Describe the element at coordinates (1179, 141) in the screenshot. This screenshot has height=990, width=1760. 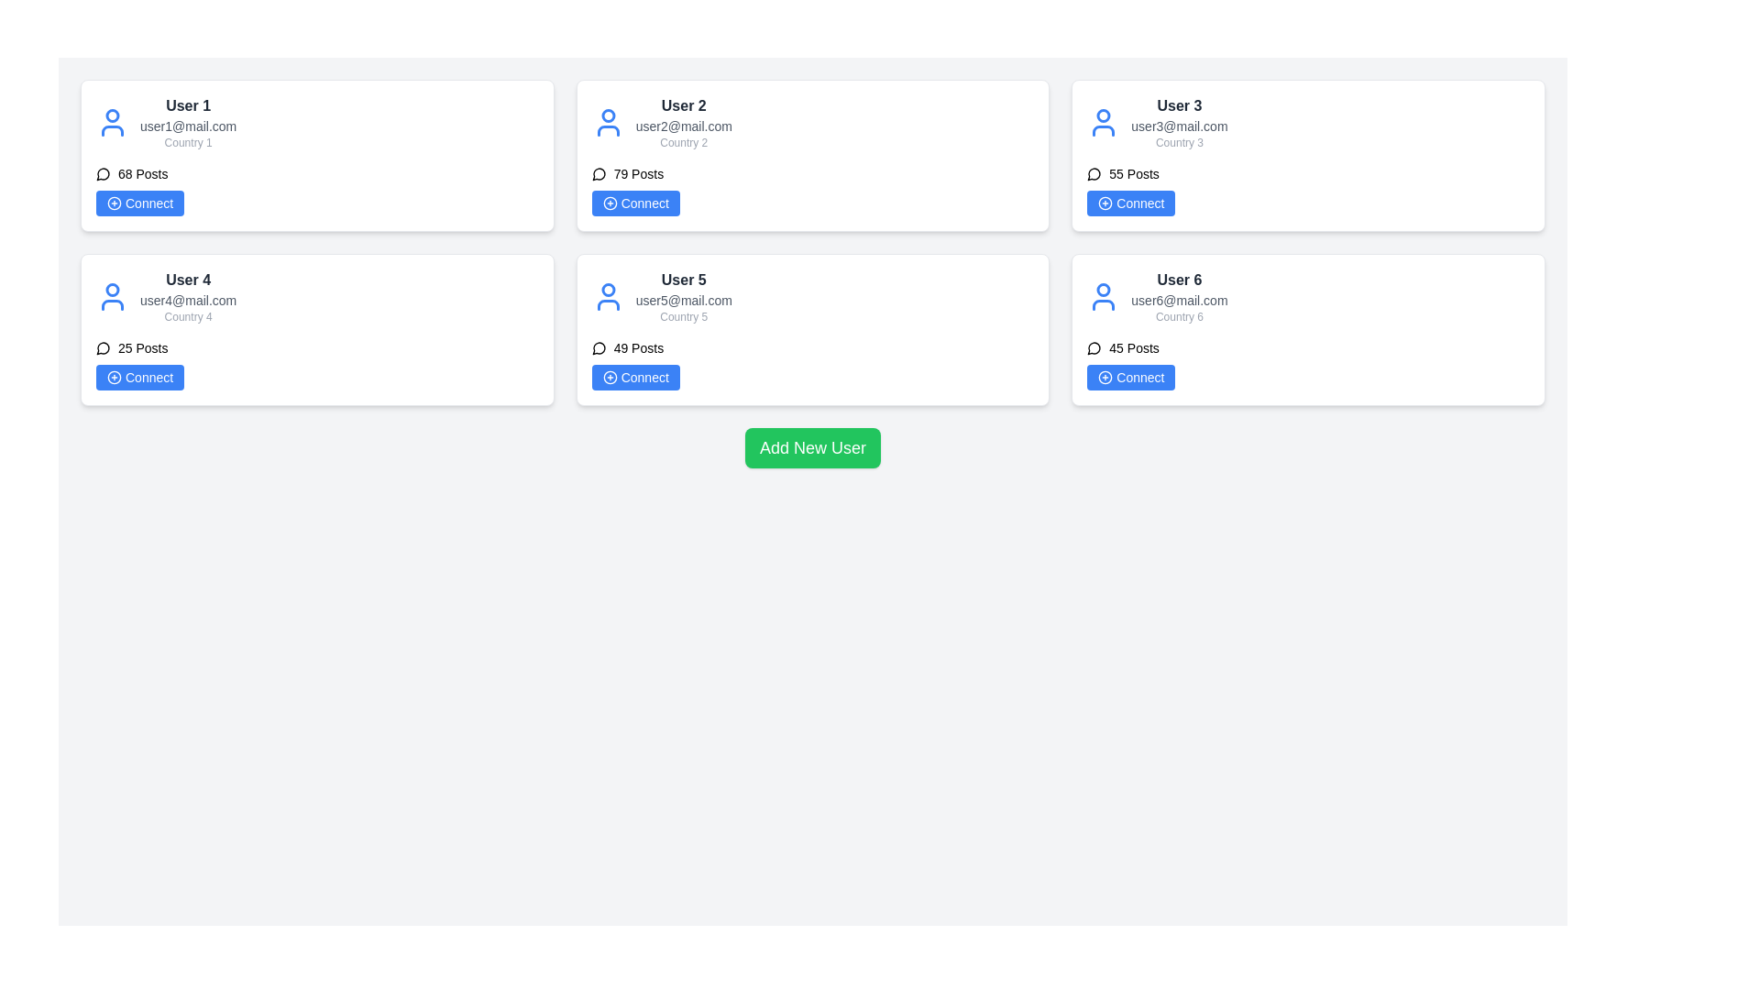
I see `content displayed in the text element that shows the user's country within the user card of 'User 3', located under the email 'user3@mail.com'` at that location.